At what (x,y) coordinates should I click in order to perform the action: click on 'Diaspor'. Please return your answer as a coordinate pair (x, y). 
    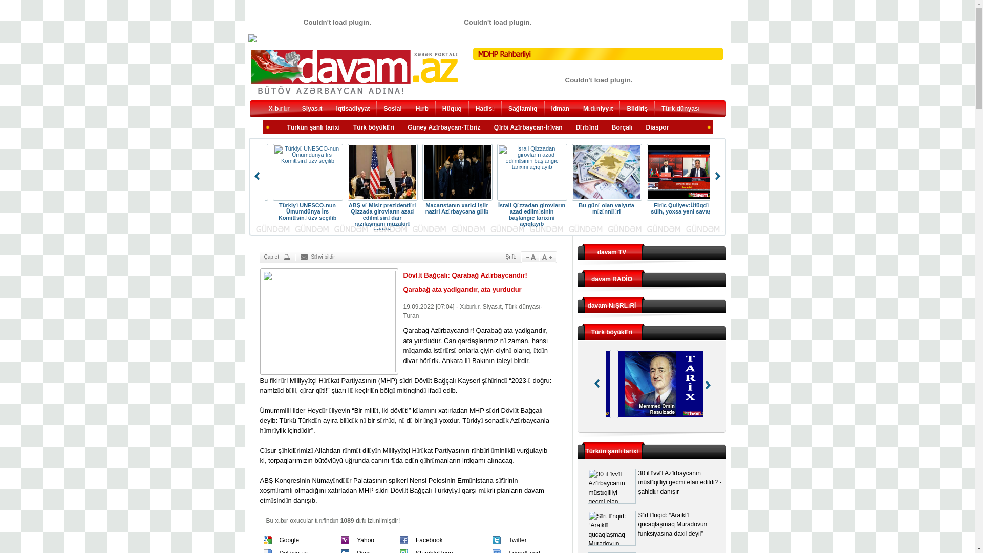
    Looking at the image, I should click on (657, 127).